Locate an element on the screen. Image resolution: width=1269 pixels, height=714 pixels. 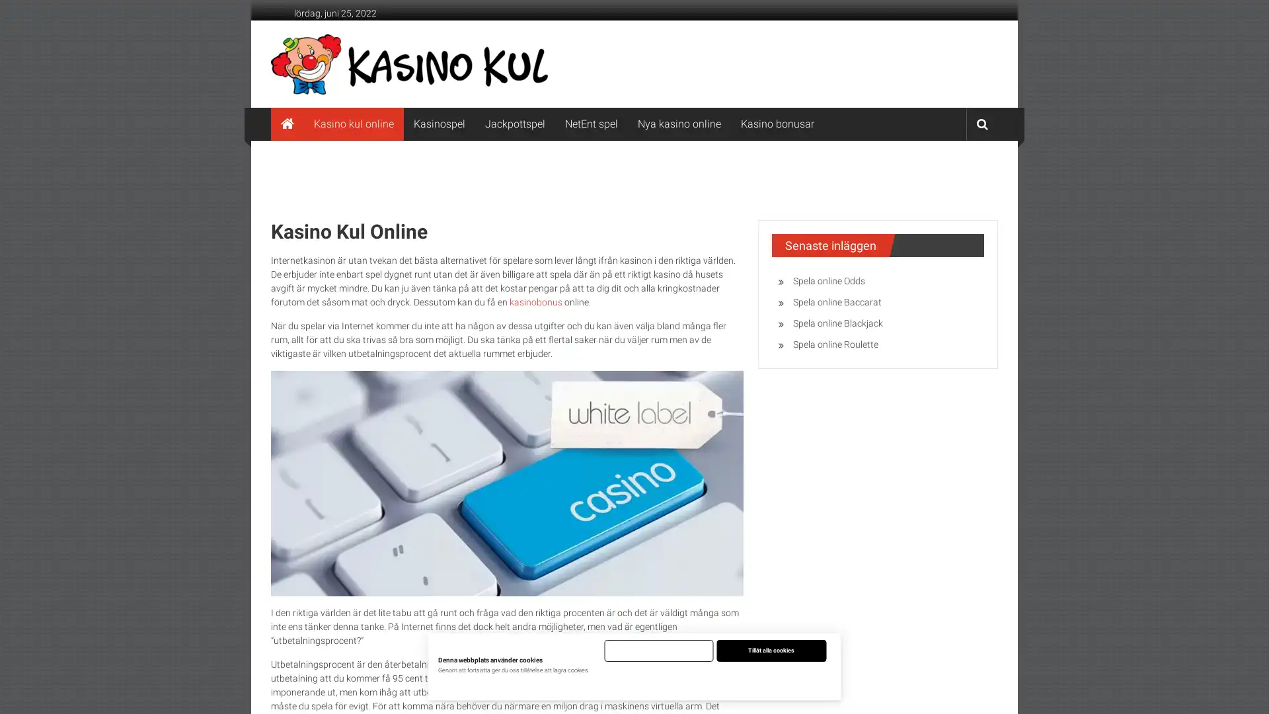
Justera installningar is located at coordinates (714, 679).